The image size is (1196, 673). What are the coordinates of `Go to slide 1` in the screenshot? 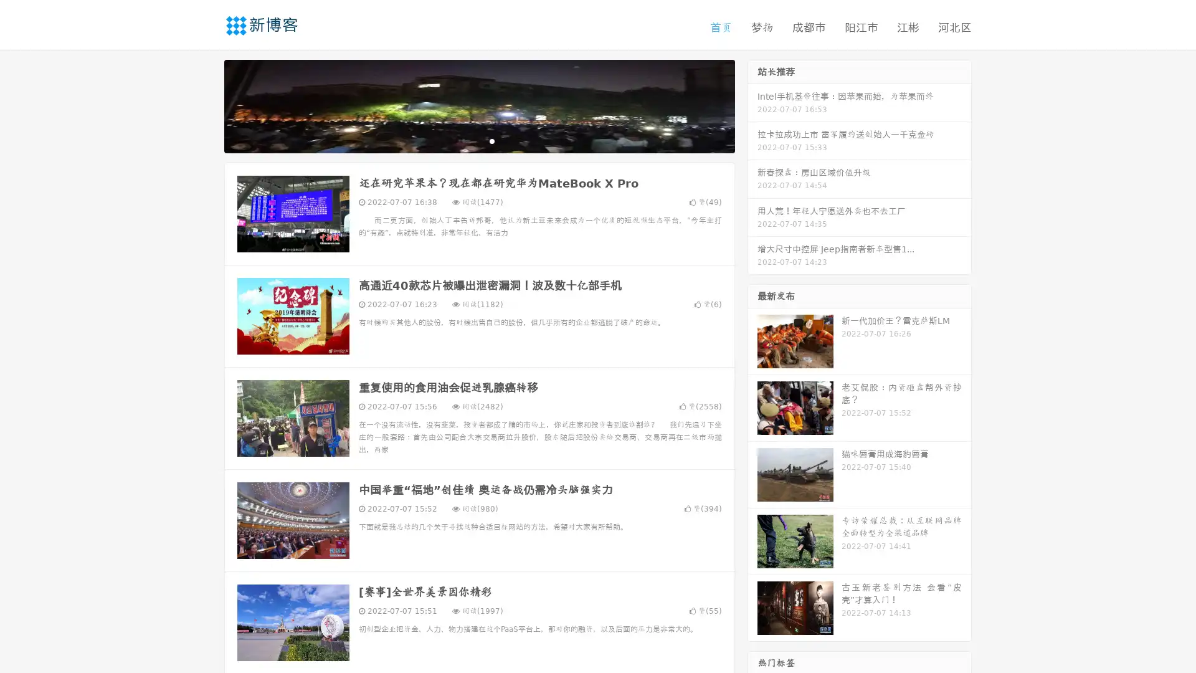 It's located at (466, 140).